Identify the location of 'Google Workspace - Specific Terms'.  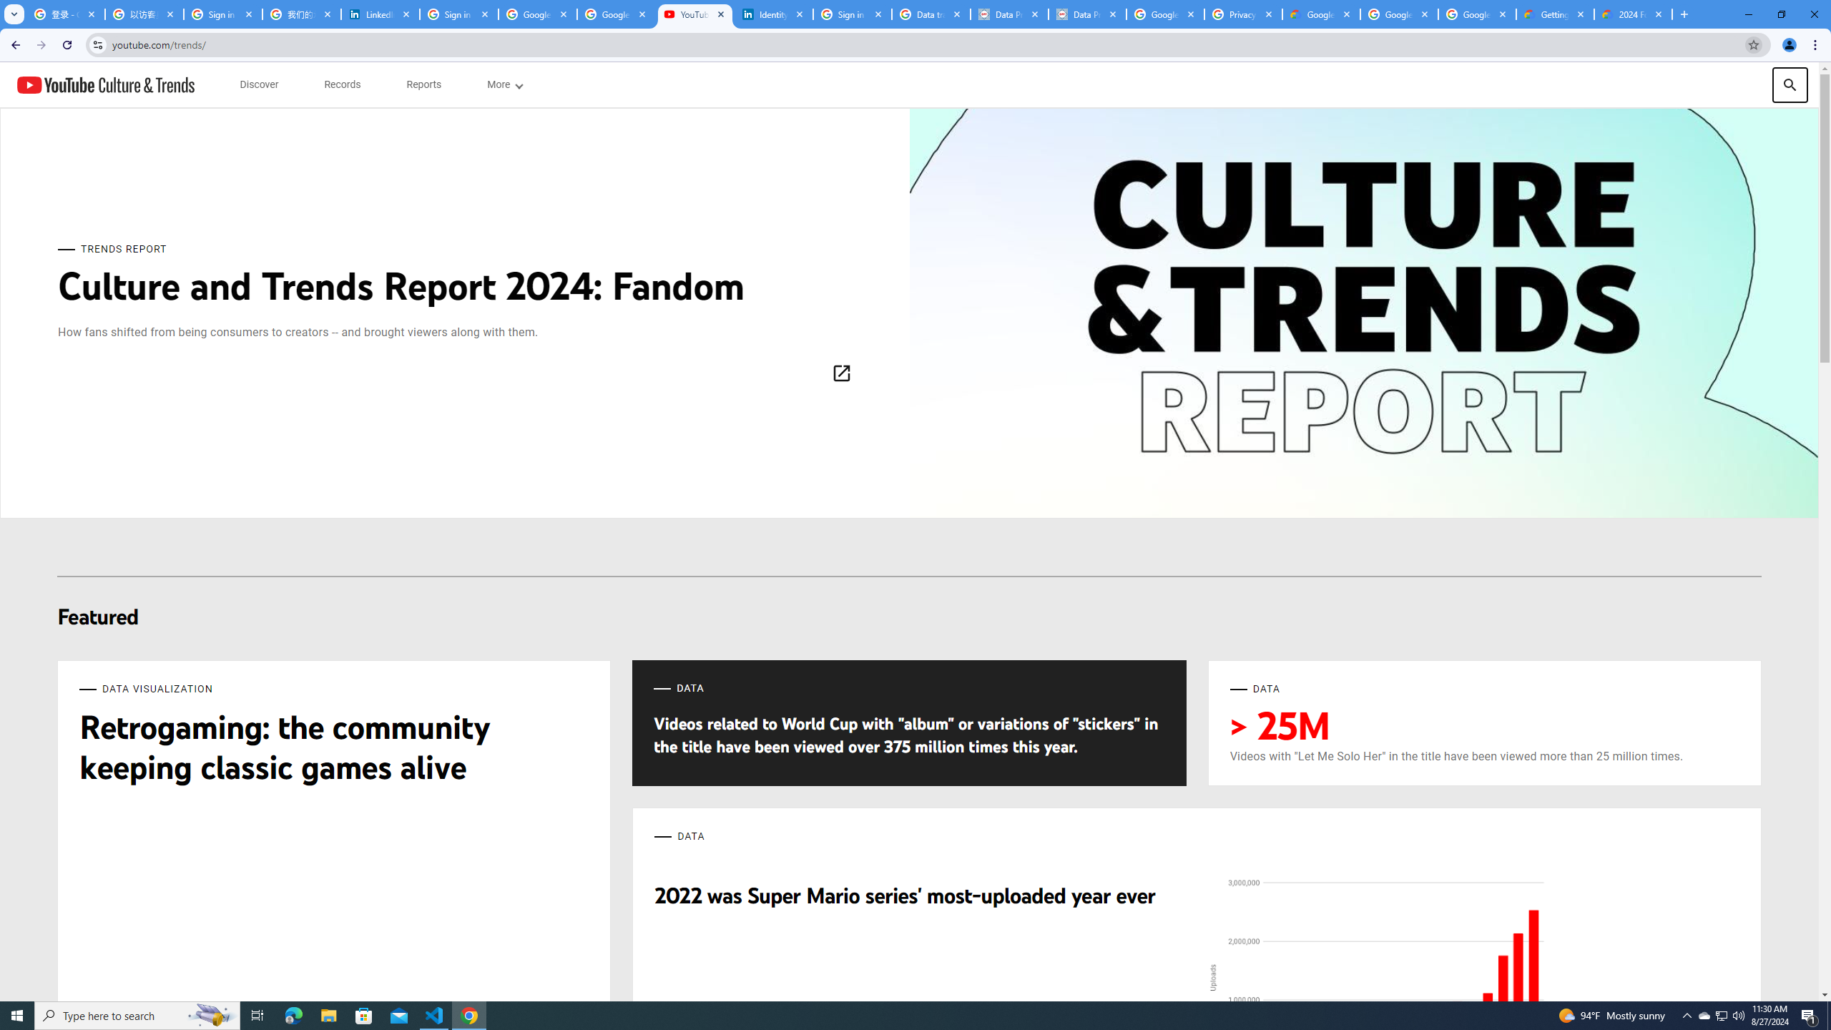
(1476, 14).